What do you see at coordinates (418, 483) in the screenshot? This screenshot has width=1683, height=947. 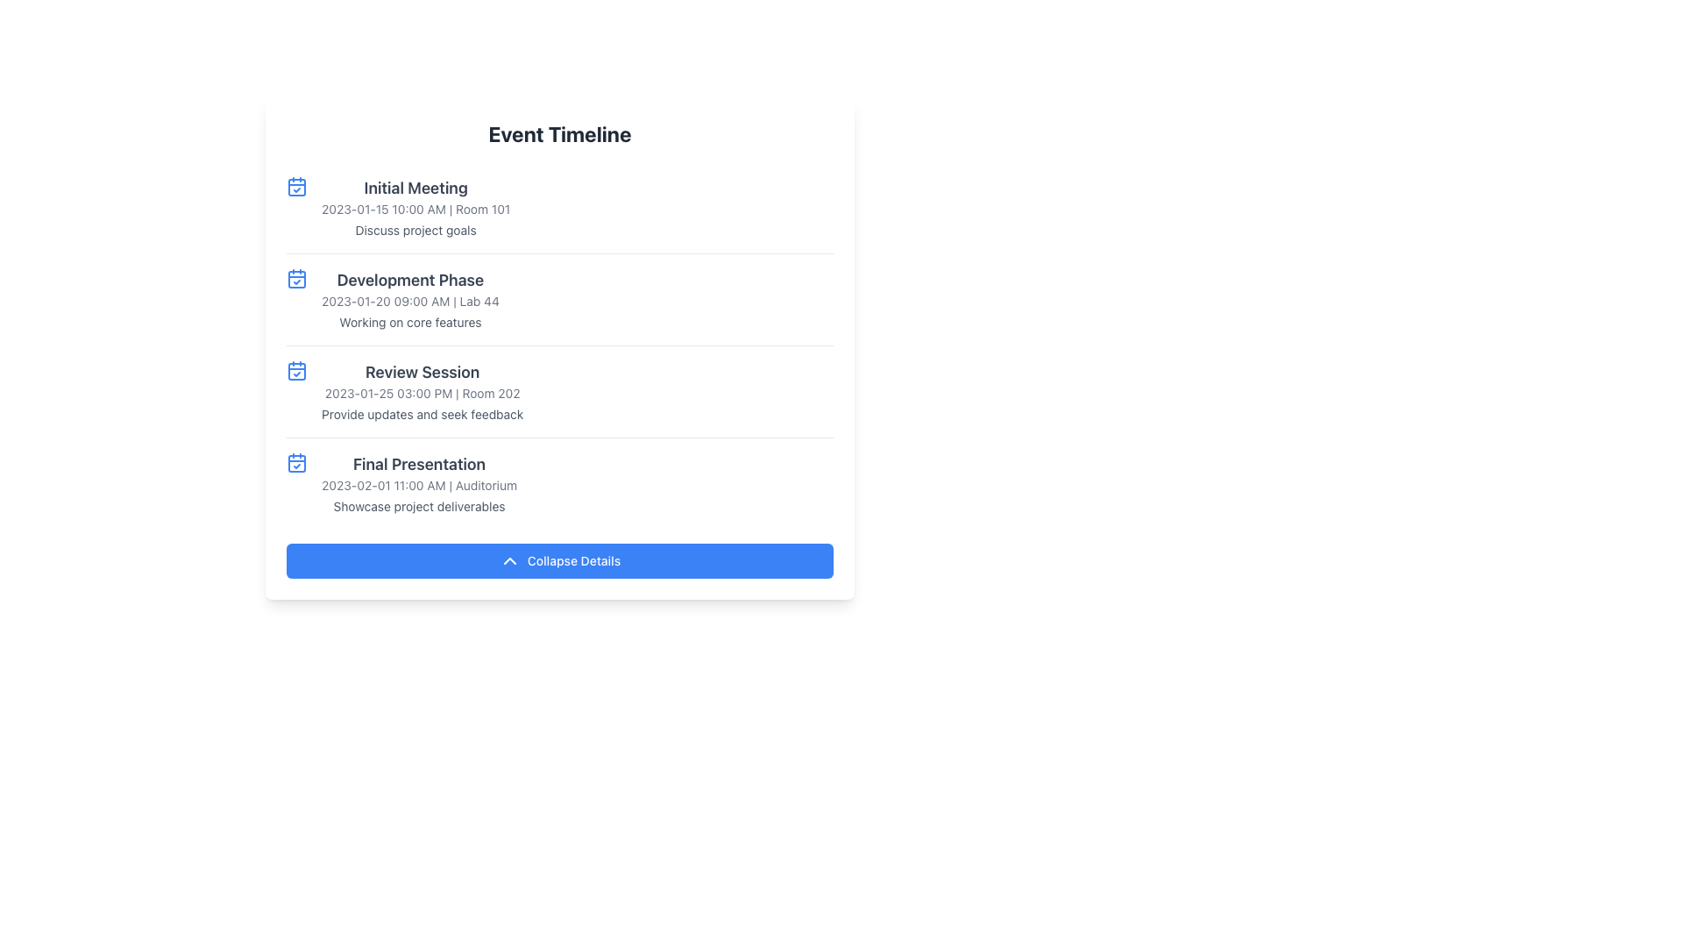 I see `displayed text of the fourth item in the vertically stacked timeline list that shows event details, located just above the blue 'Collapse Details' button` at bounding box center [418, 483].